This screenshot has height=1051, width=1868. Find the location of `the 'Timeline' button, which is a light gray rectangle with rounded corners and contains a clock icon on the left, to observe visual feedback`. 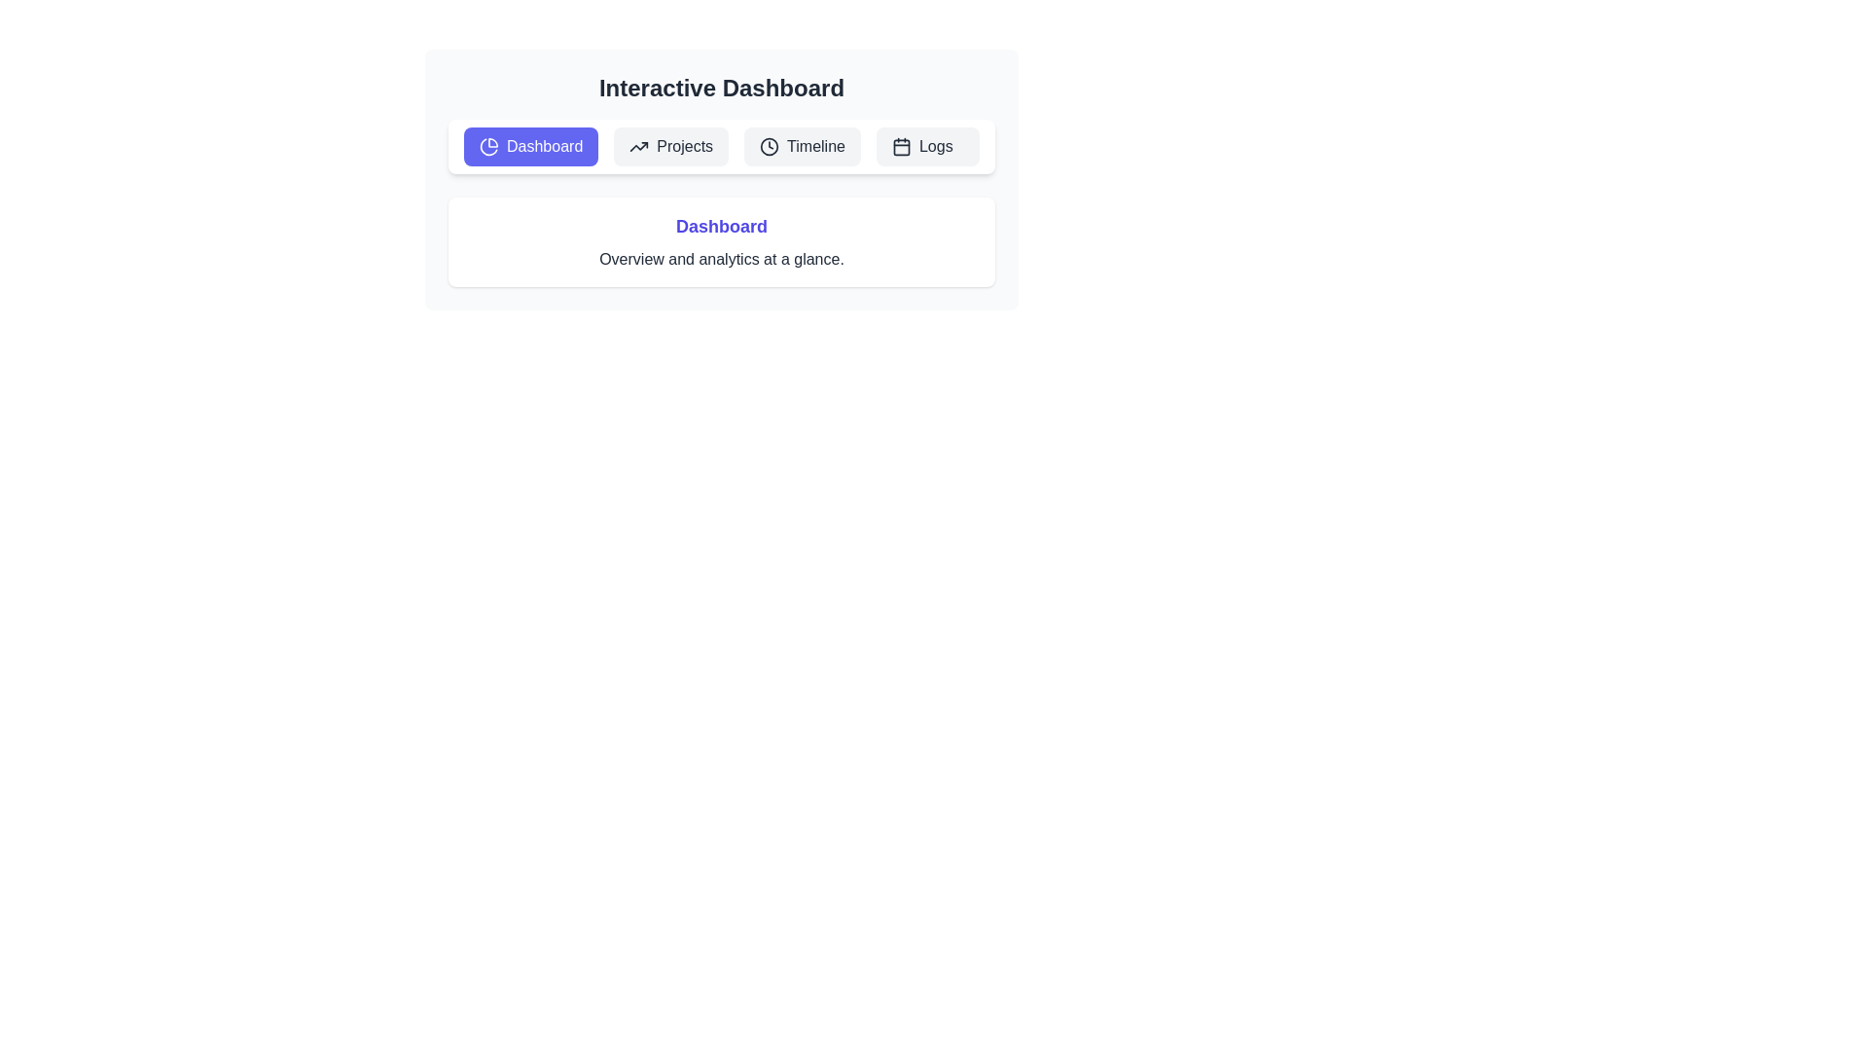

the 'Timeline' button, which is a light gray rectangle with rounded corners and contains a clock icon on the left, to observe visual feedback is located at coordinates (803, 145).